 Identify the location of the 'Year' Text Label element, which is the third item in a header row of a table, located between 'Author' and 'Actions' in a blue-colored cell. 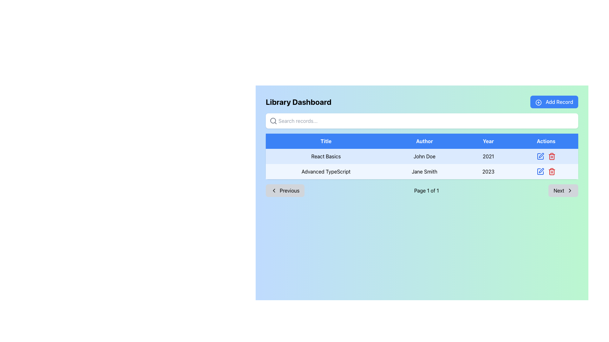
(488, 141).